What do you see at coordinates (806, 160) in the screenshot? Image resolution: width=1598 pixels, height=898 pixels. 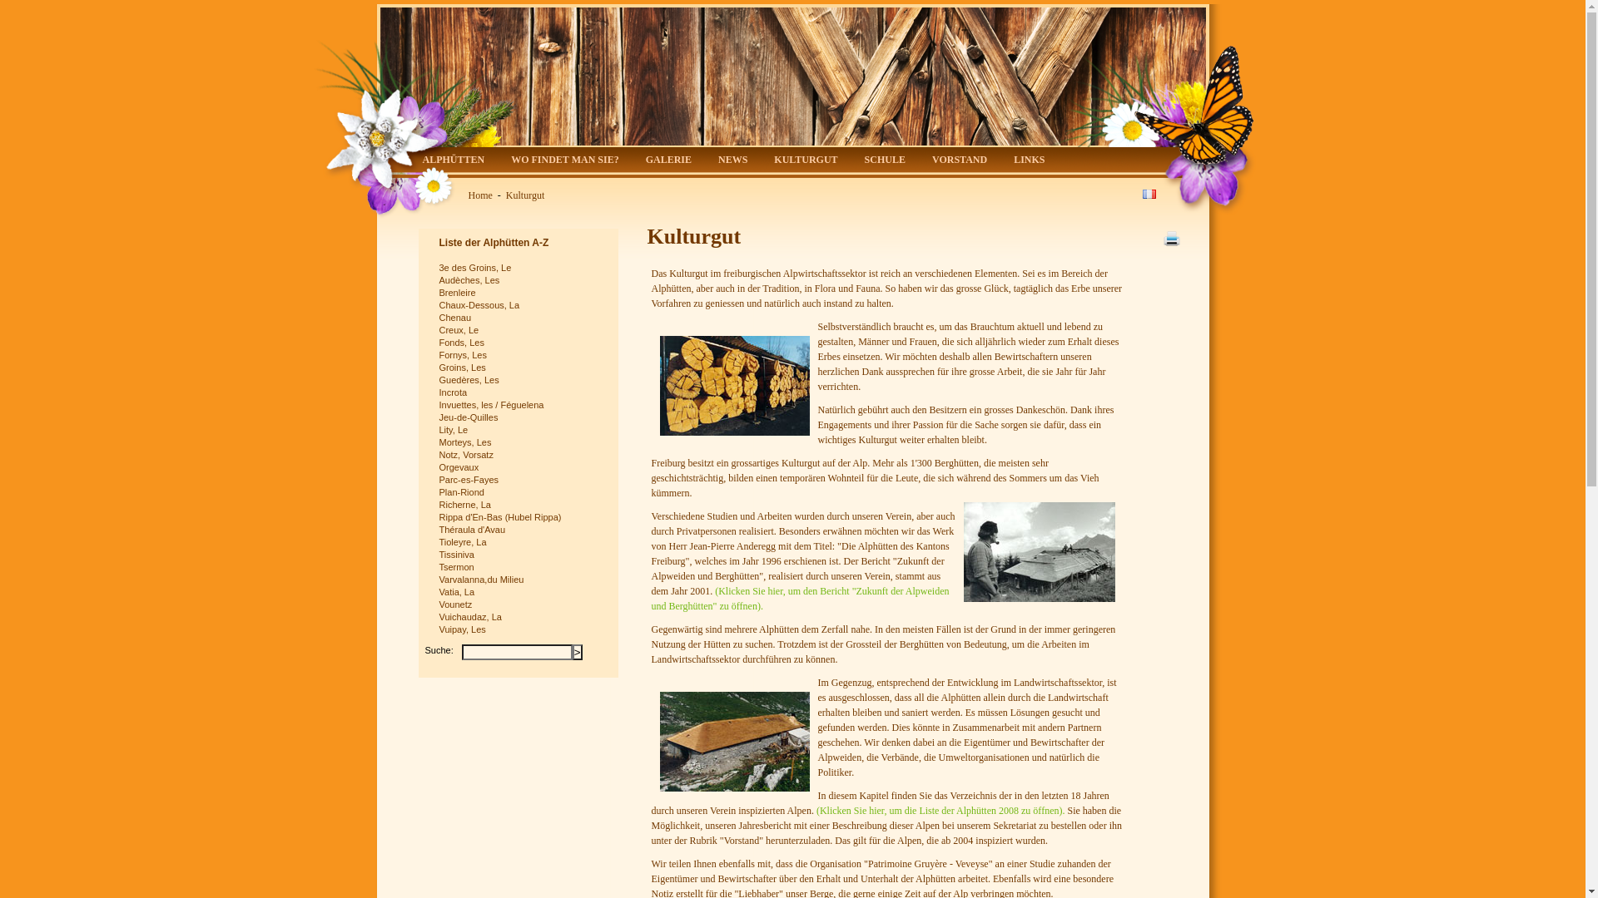 I see `'KULTURGUT'` at bounding box center [806, 160].